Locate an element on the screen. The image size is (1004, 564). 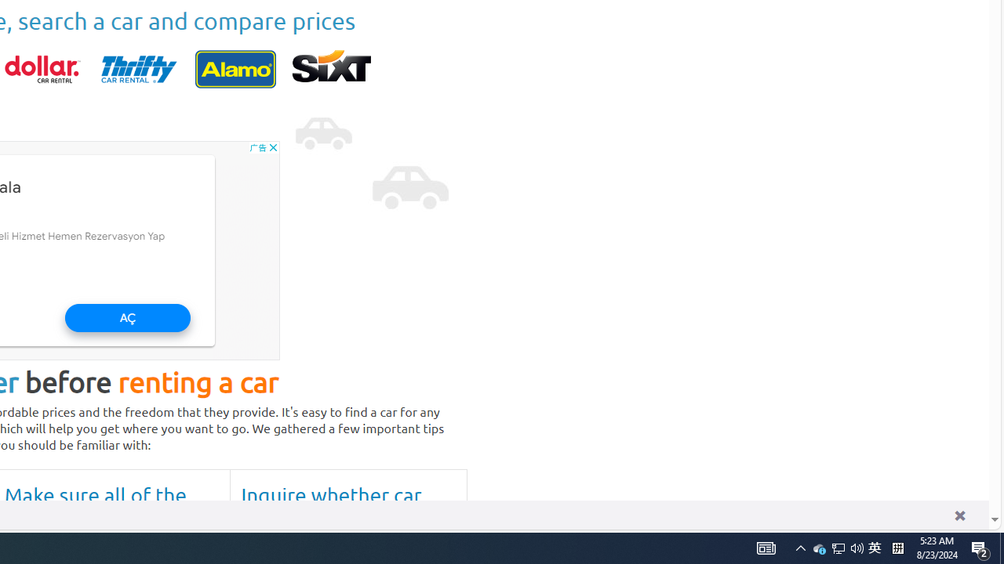
'dollar' is located at coordinates (42, 68).